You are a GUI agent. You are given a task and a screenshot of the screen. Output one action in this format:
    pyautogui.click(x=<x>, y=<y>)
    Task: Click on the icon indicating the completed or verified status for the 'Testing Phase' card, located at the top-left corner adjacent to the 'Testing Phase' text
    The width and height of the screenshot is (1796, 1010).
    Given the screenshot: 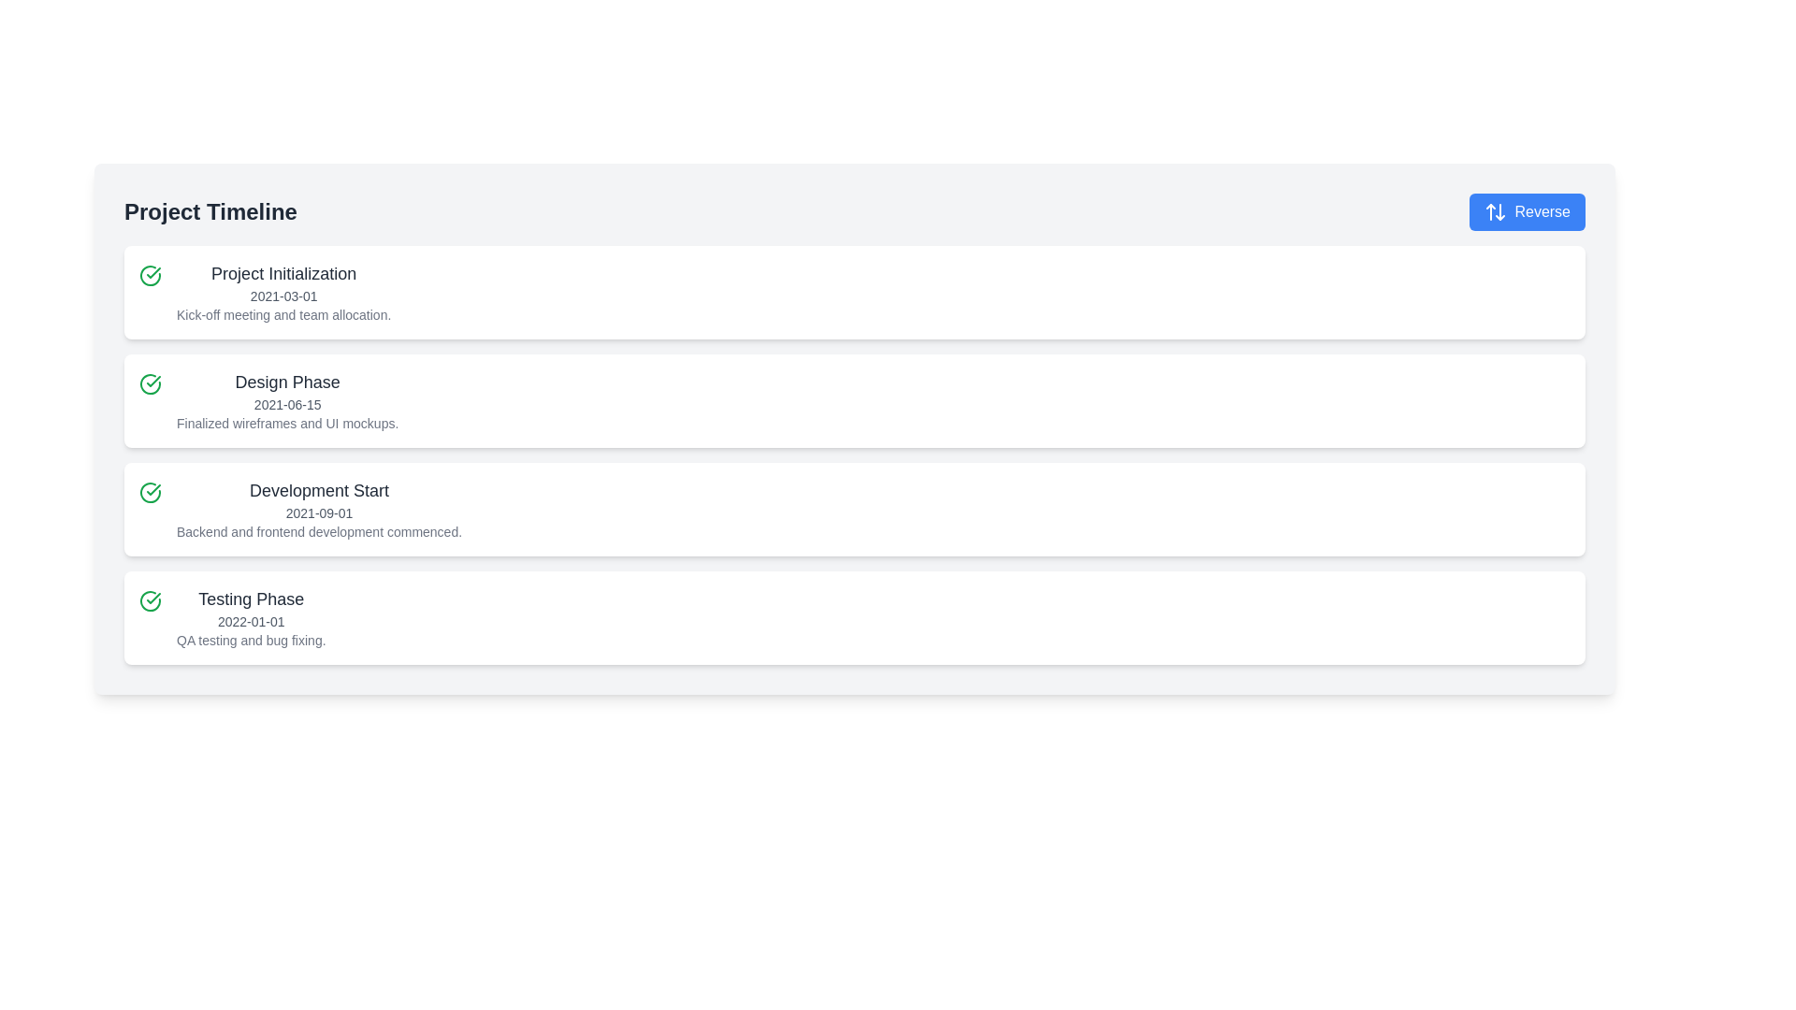 What is the action you would take?
    pyautogui.click(x=151, y=601)
    